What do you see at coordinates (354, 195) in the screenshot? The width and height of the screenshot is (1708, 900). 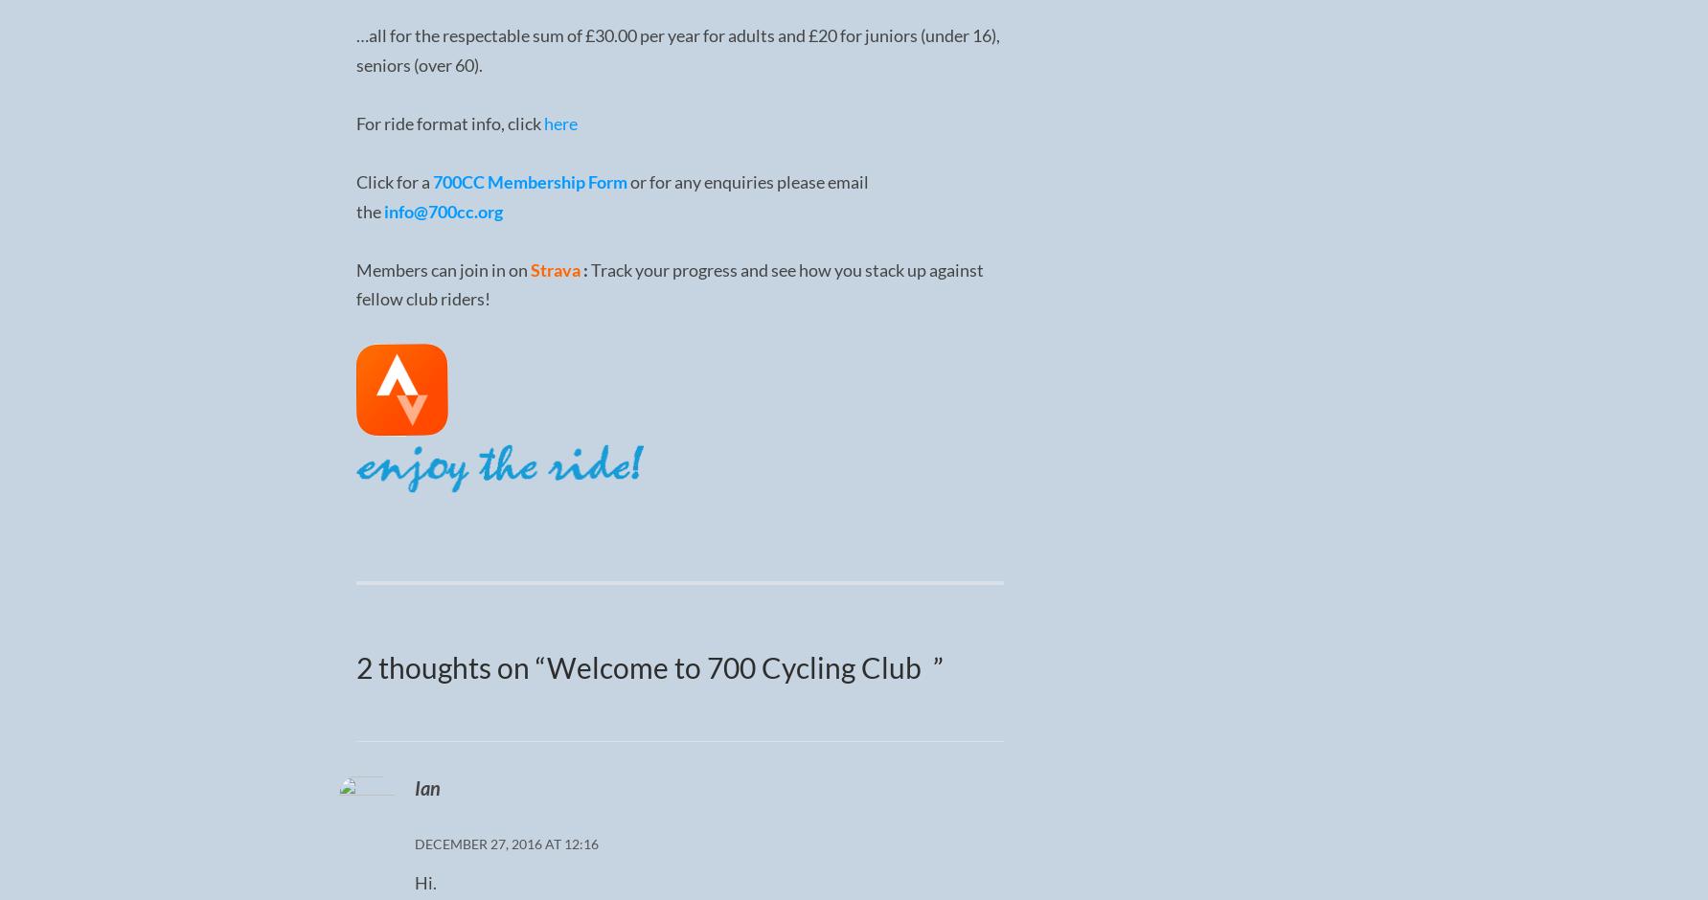 I see `'or for any enquiries please email the'` at bounding box center [354, 195].